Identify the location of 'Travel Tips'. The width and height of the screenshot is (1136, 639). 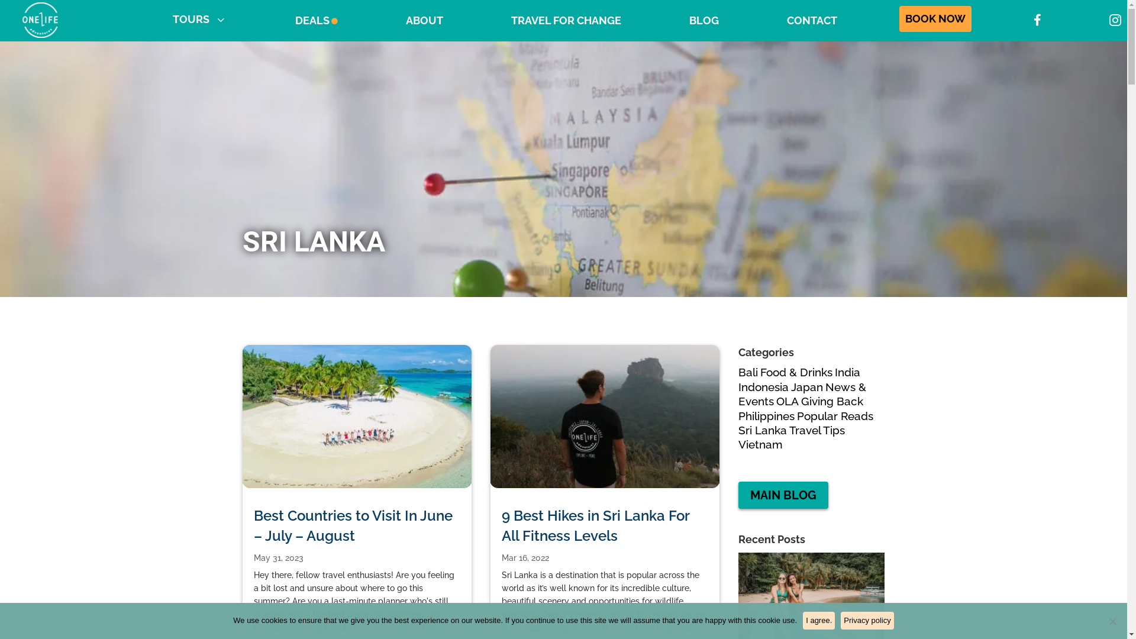
(816, 430).